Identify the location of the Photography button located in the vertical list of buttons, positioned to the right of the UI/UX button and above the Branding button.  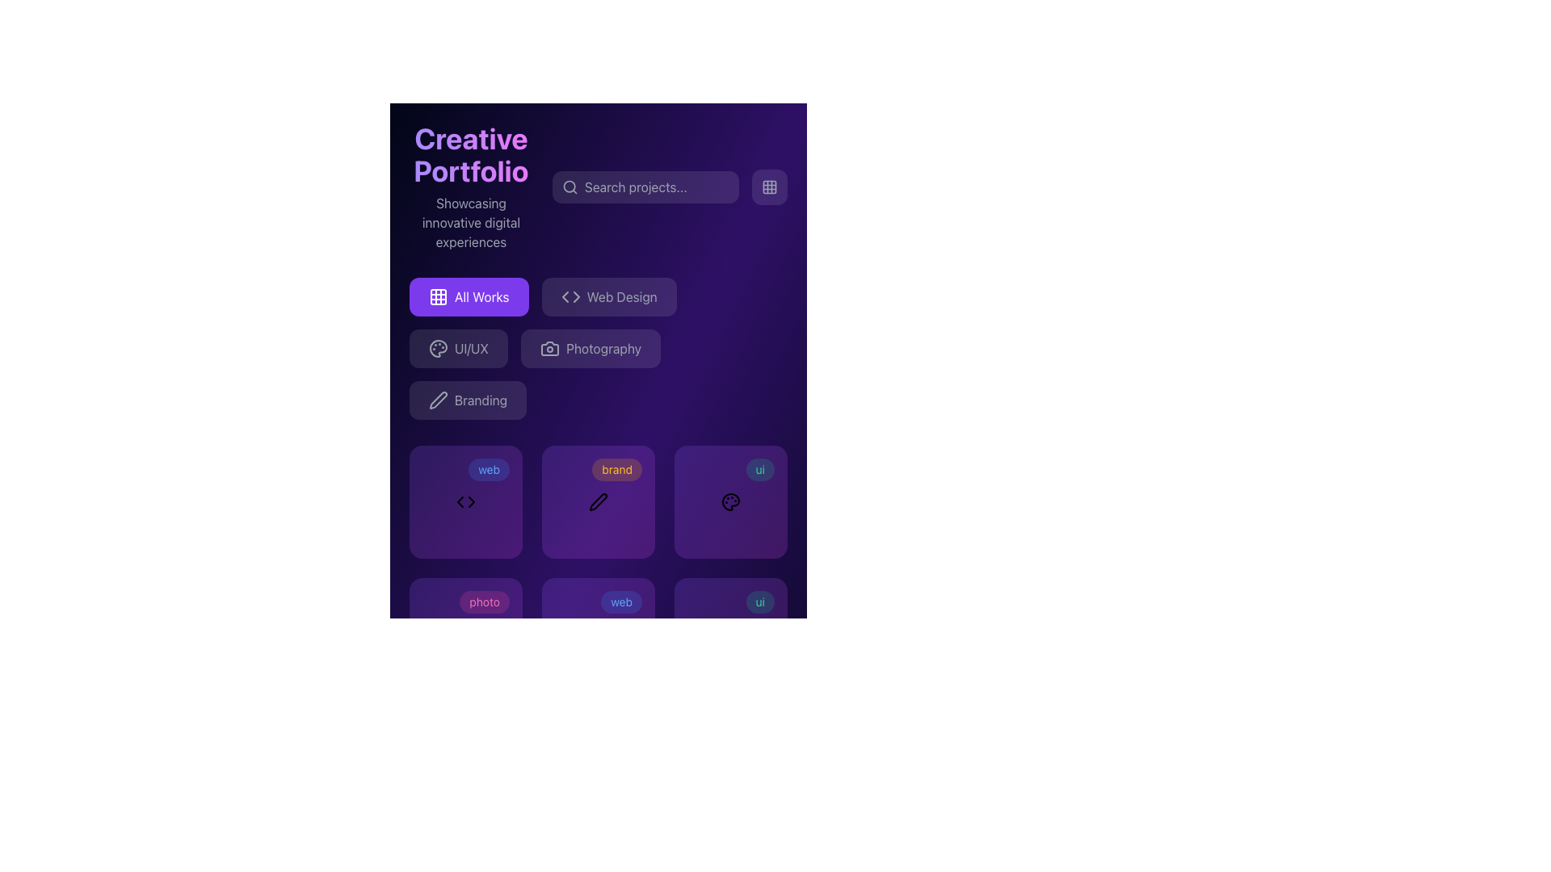
(590, 348).